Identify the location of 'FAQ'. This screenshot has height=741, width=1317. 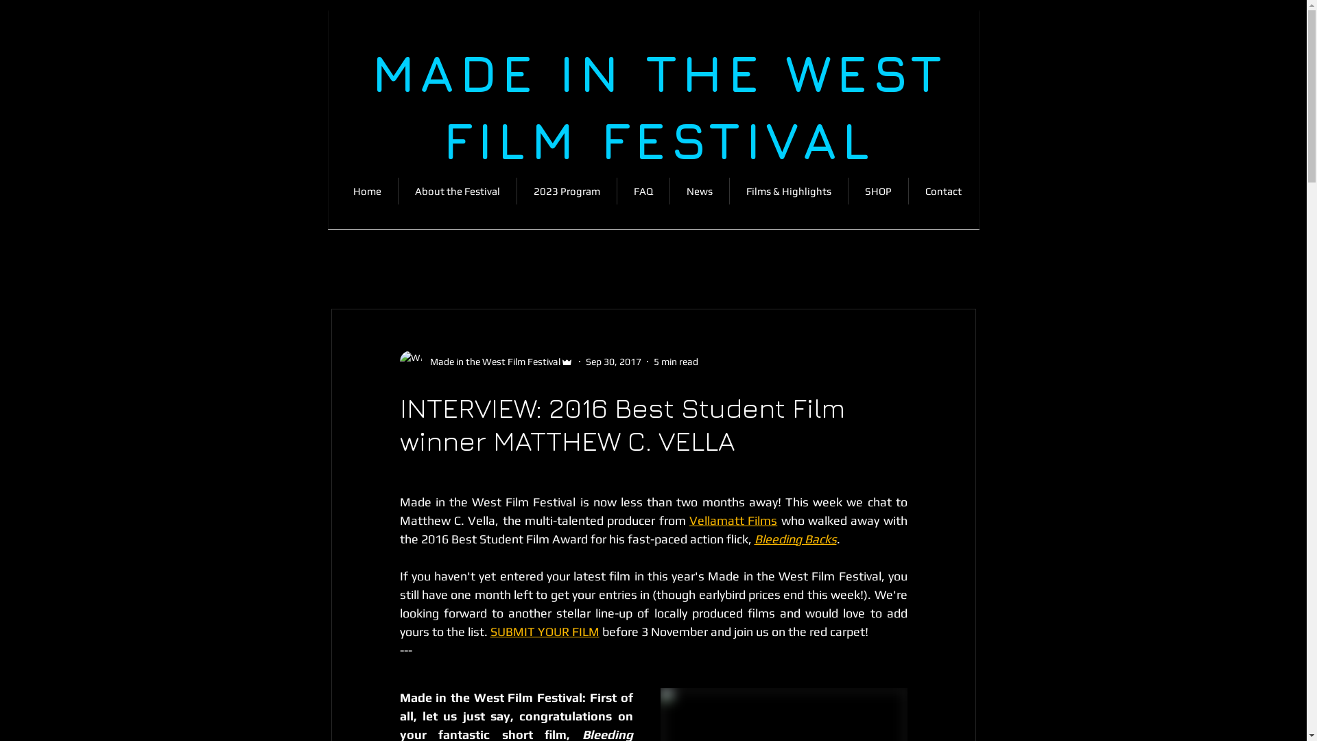
(642, 191).